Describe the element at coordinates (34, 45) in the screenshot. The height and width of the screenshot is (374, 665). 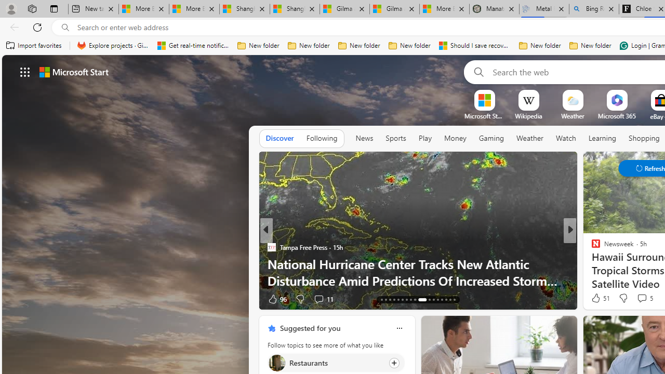
I see `'Import favorites'` at that location.